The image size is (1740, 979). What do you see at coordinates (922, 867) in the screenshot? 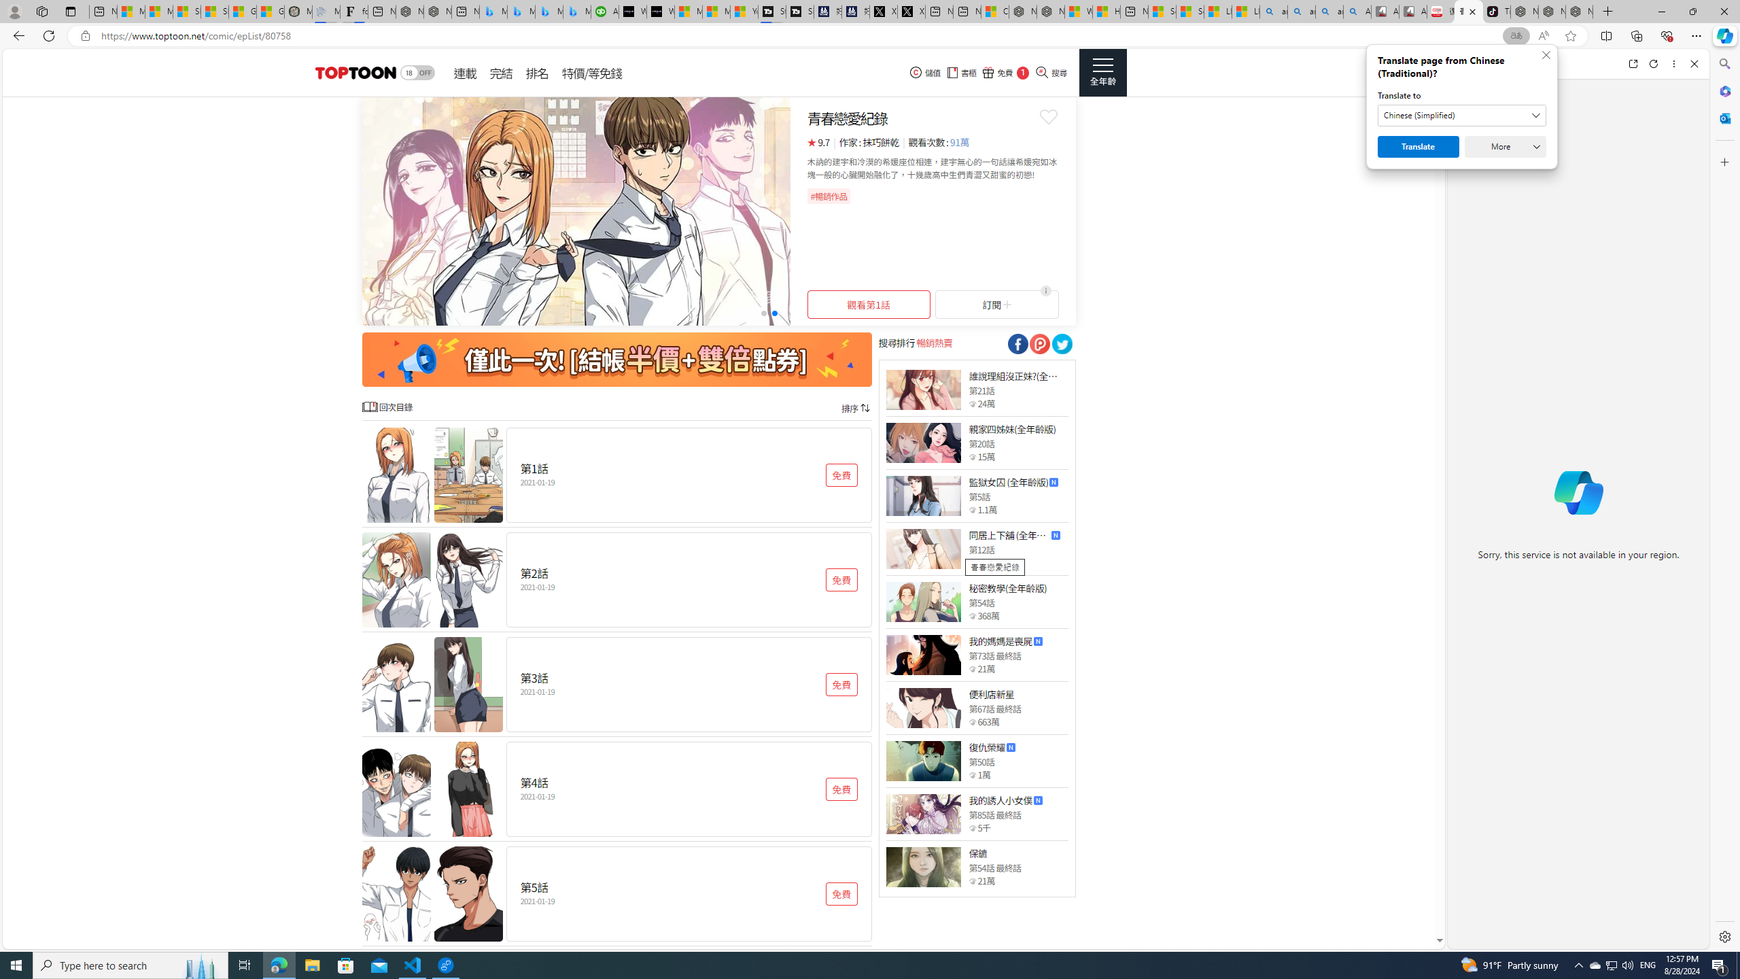
I see `'Class: thumb_img'` at bounding box center [922, 867].